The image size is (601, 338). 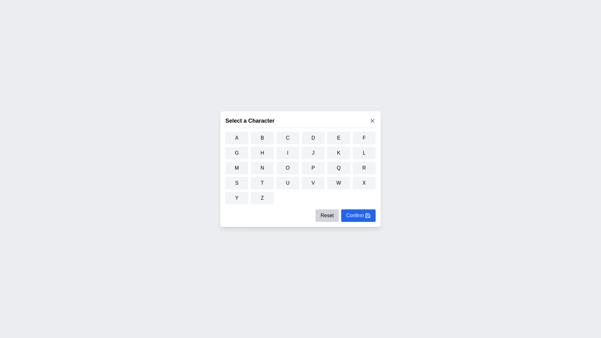 I want to click on the close button in the header to close the dialog, so click(x=372, y=120).